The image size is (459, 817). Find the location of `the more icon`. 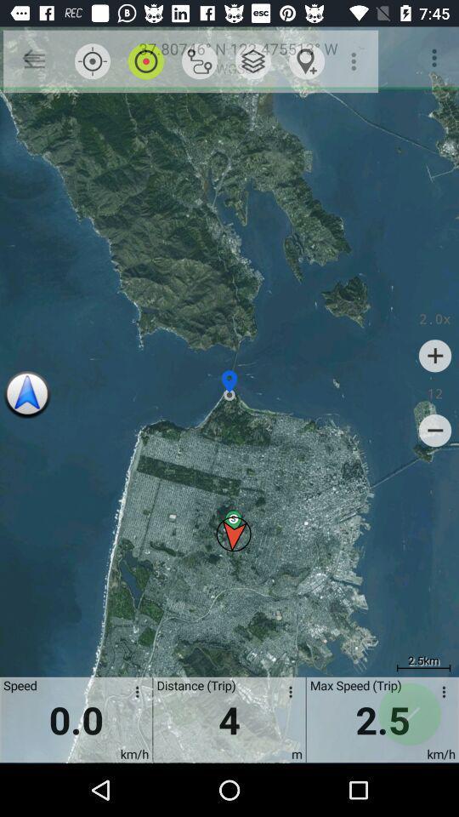

the more icon is located at coordinates (133, 694).